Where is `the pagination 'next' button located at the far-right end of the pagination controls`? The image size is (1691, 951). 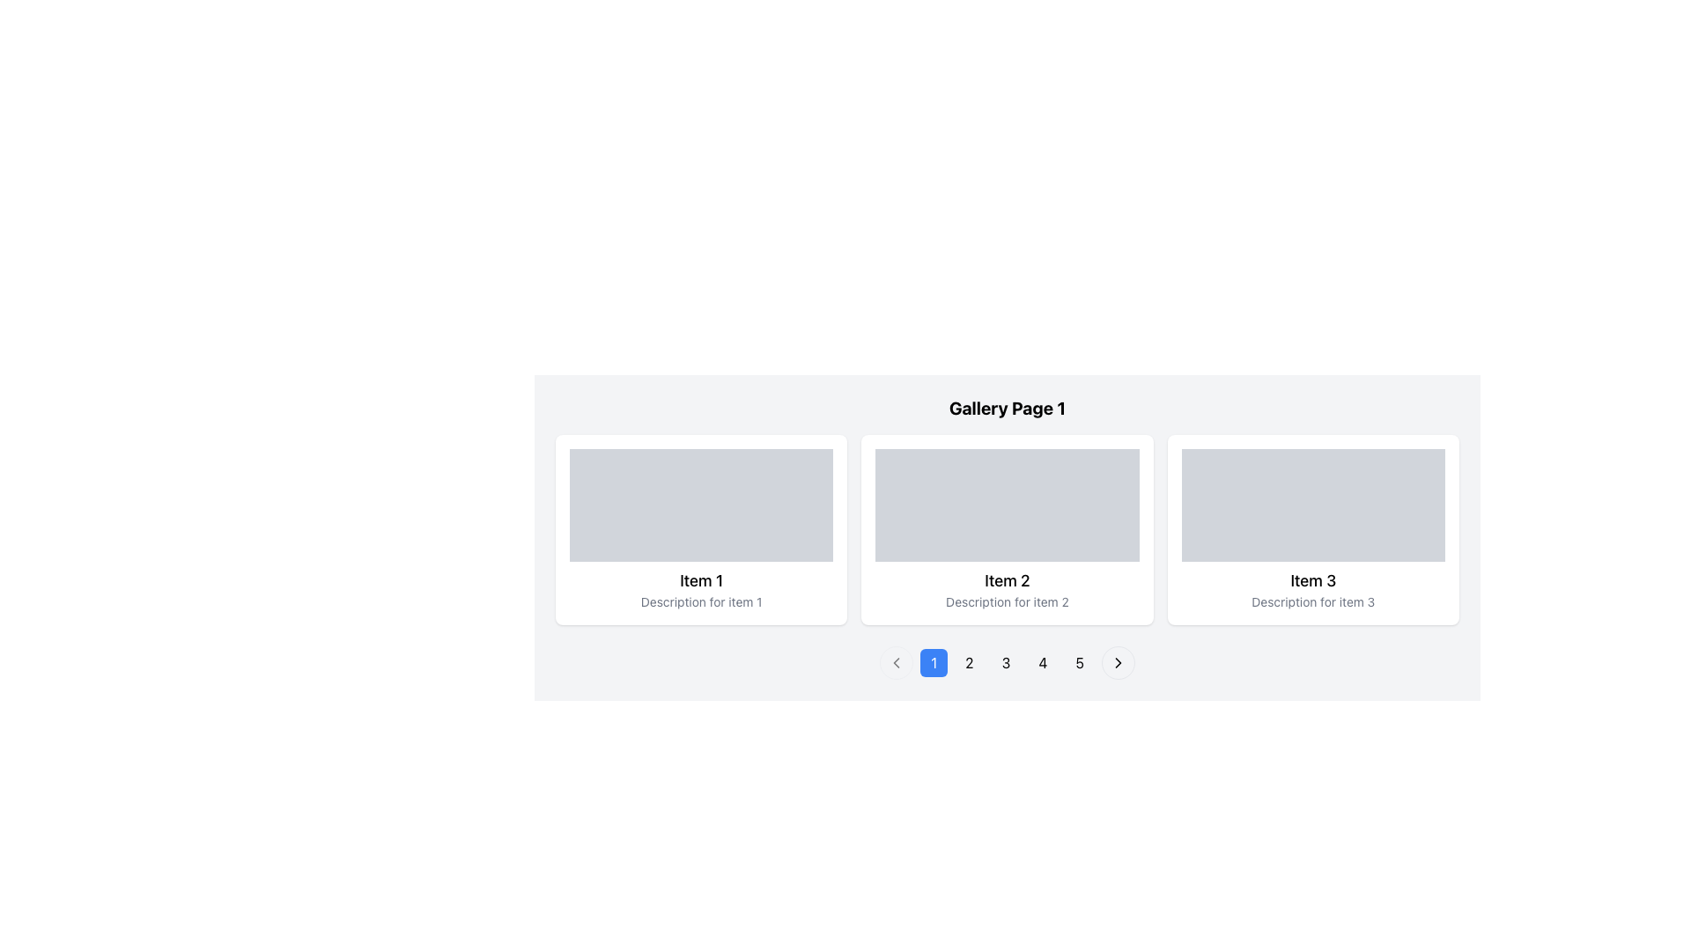
the pagination 'next' button located at the far-right end of the pagination controls is located at coordinates (1117, 662).